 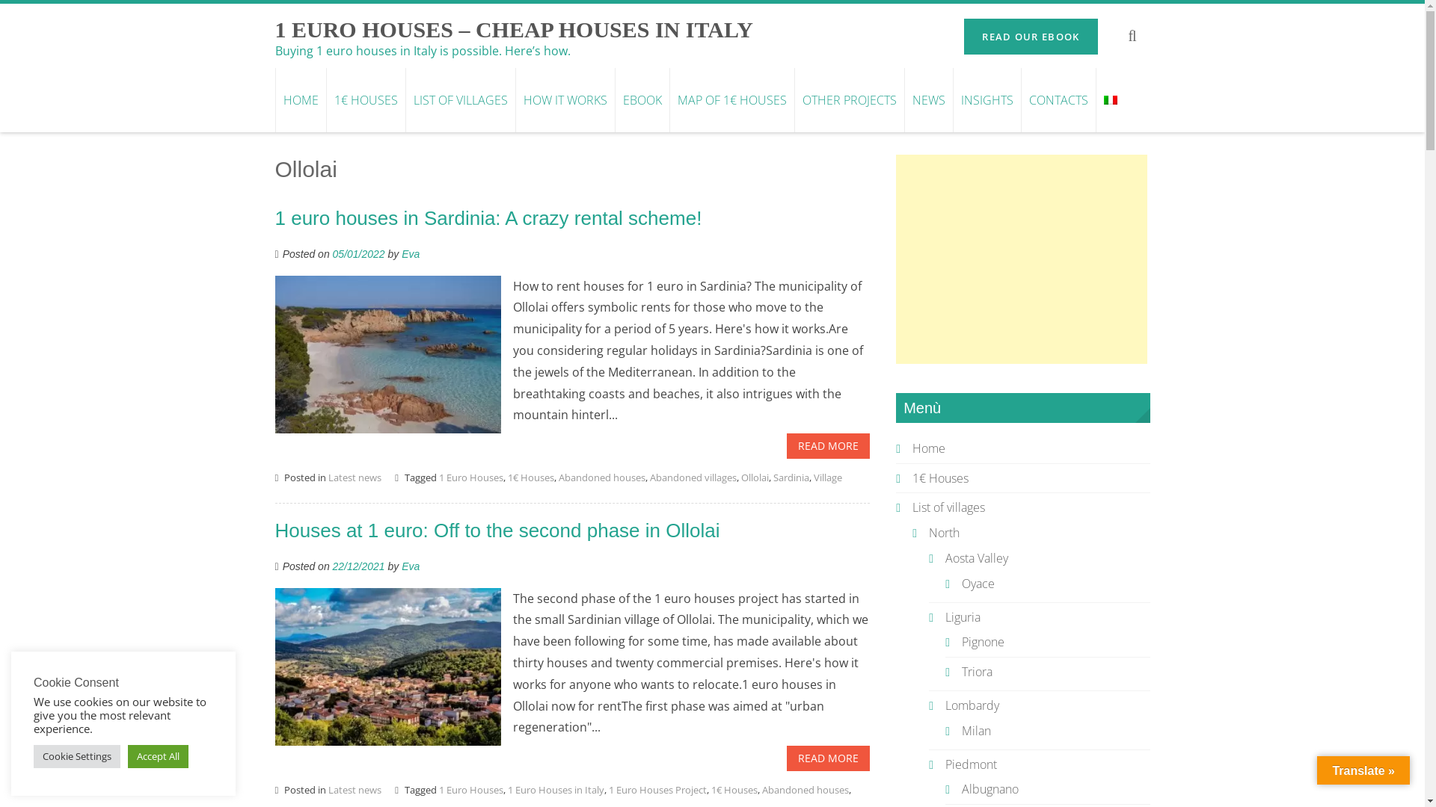 I want to click on 'Cookie Settings', so click(x=76, y=756).